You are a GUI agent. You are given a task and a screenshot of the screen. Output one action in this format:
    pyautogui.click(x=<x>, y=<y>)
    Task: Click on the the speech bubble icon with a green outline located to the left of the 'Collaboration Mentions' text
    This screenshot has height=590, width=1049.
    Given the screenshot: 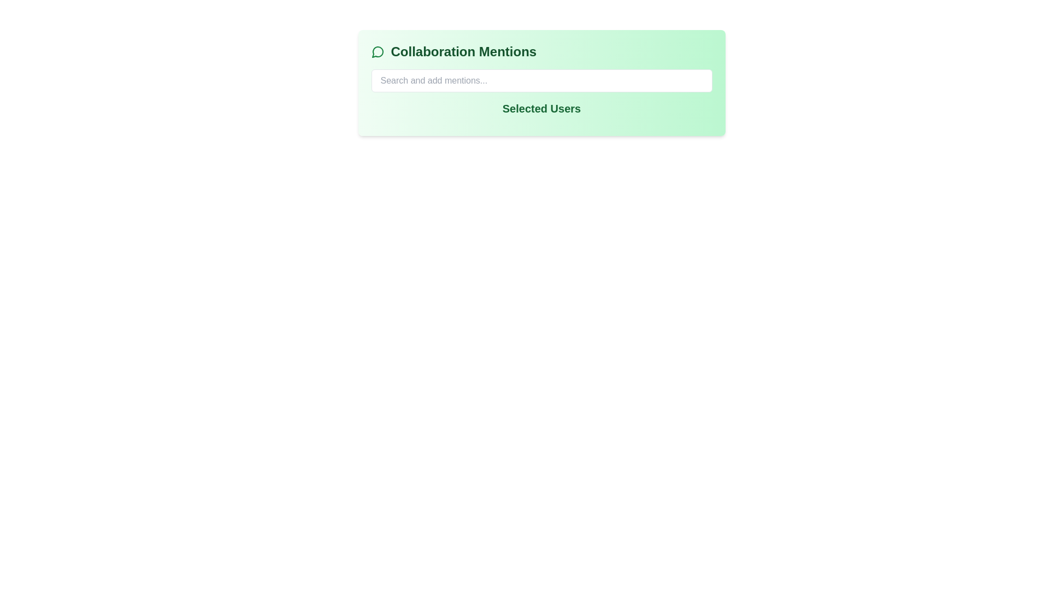 What is the action you would take?
    pyautogui.click(x=378, y=52)
    